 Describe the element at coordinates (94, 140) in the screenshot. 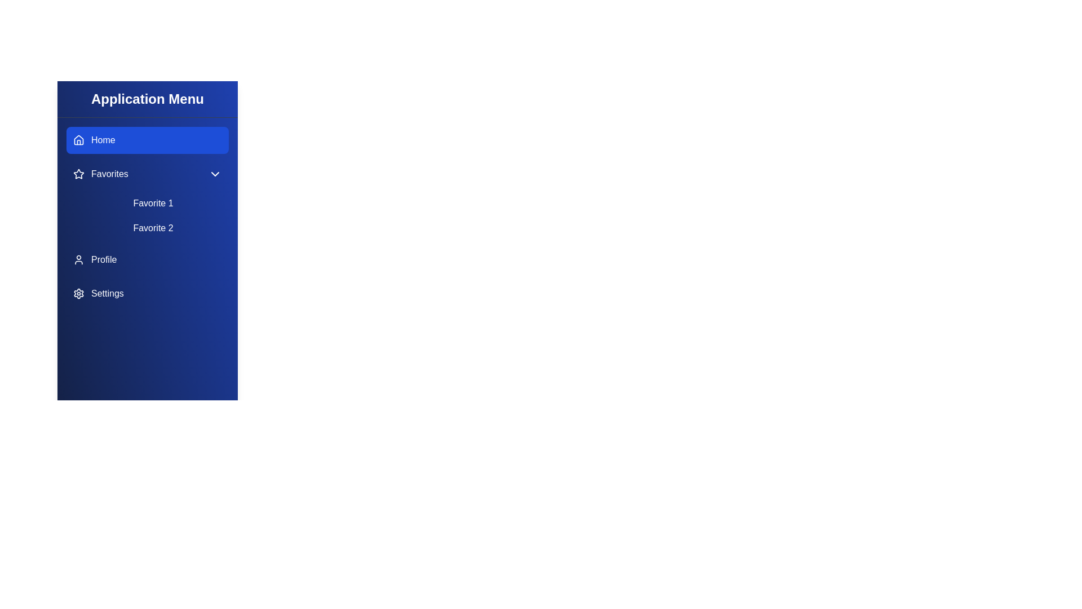

I see `the 'Home' navigation button, which features a house icon and a bold blue background` at that location.